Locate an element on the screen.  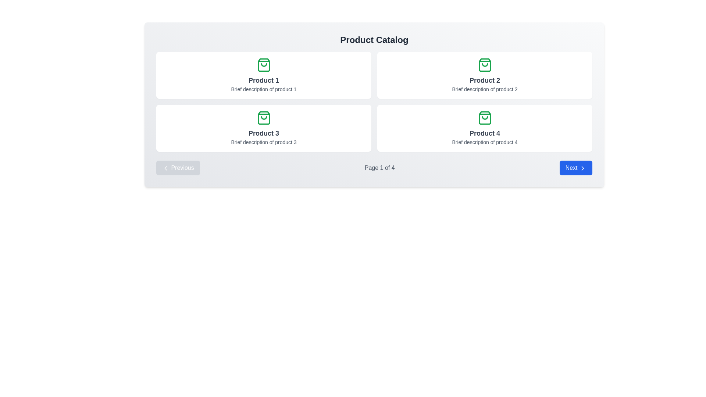
the Text Label that displays the current page number and total number of pages, located between the 'Previous' and 'Next' buttons in the navigation bar is located at coordinates (379, 168).